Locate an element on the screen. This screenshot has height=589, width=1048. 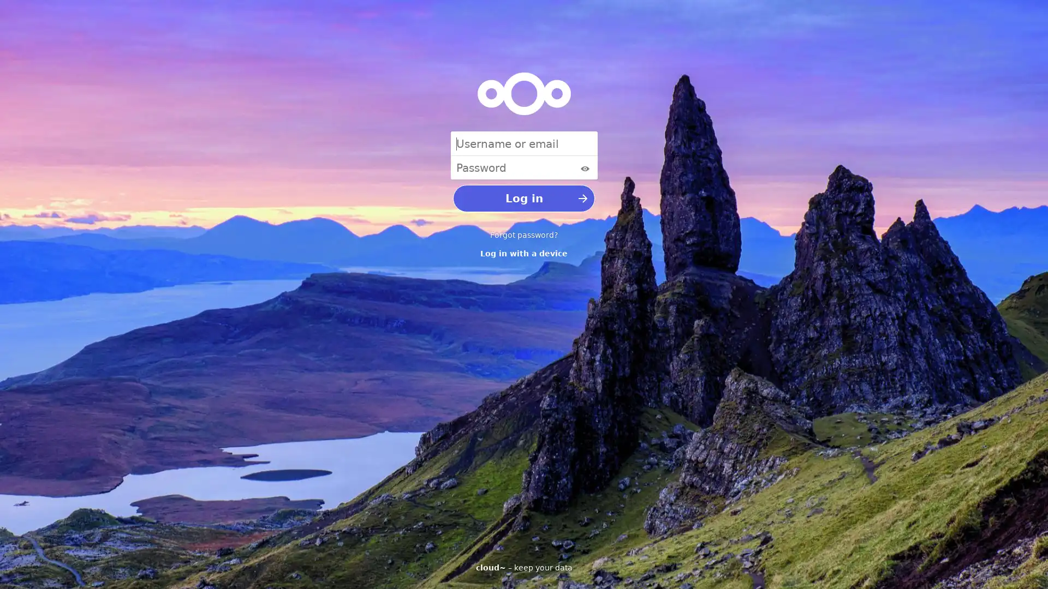
Log in is located at coordinates (524, 198).